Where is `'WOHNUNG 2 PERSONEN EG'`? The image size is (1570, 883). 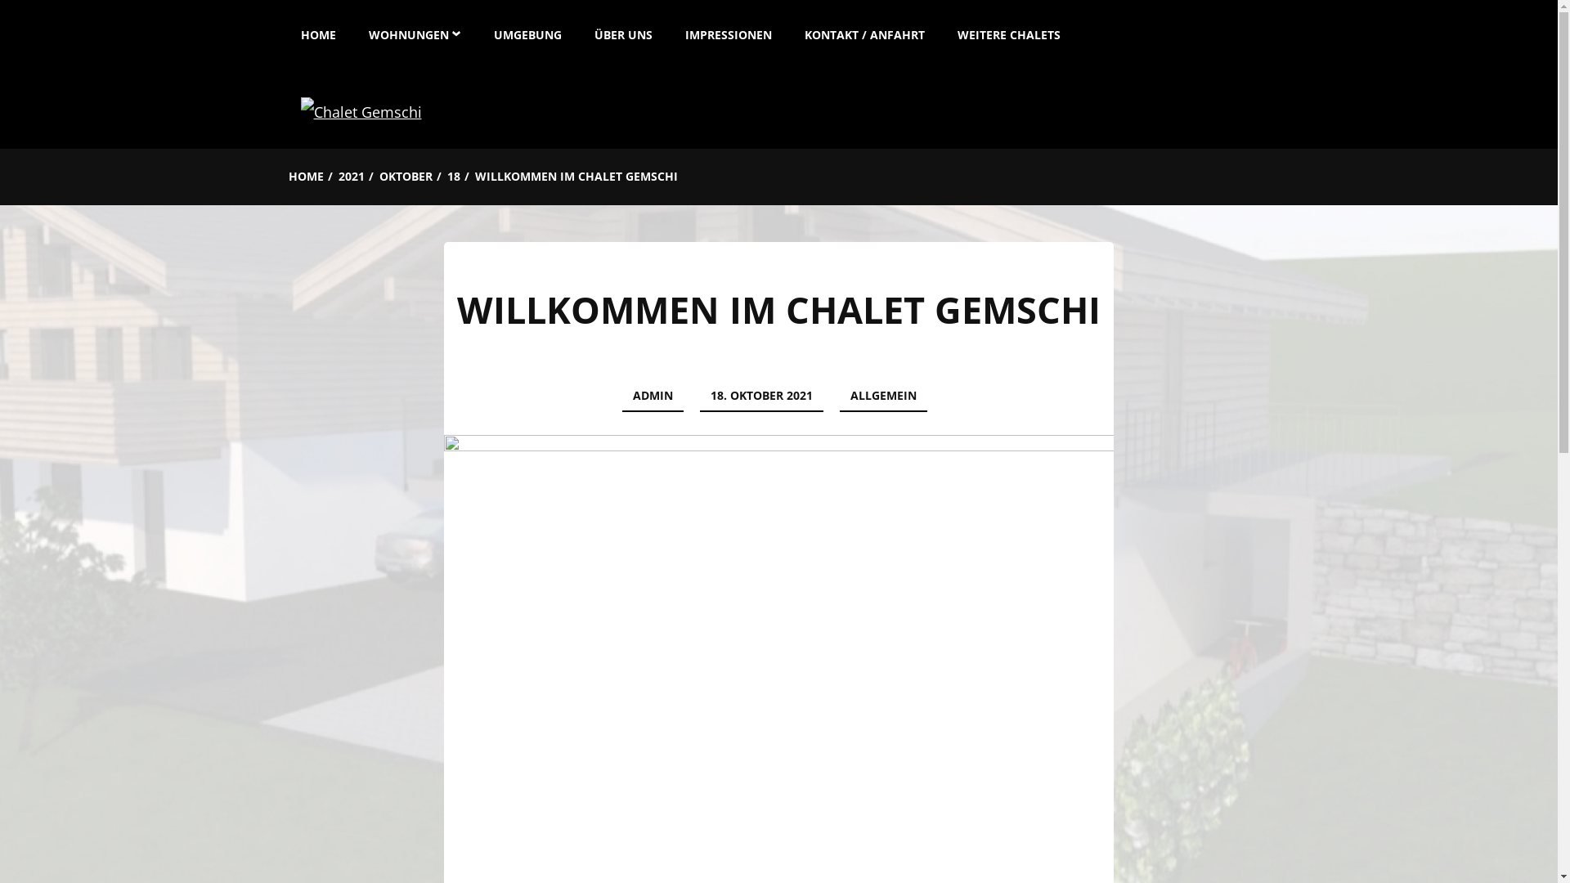
'WOHNUNG 2 PERSONEN EG' is located at coordinates (364, 105).